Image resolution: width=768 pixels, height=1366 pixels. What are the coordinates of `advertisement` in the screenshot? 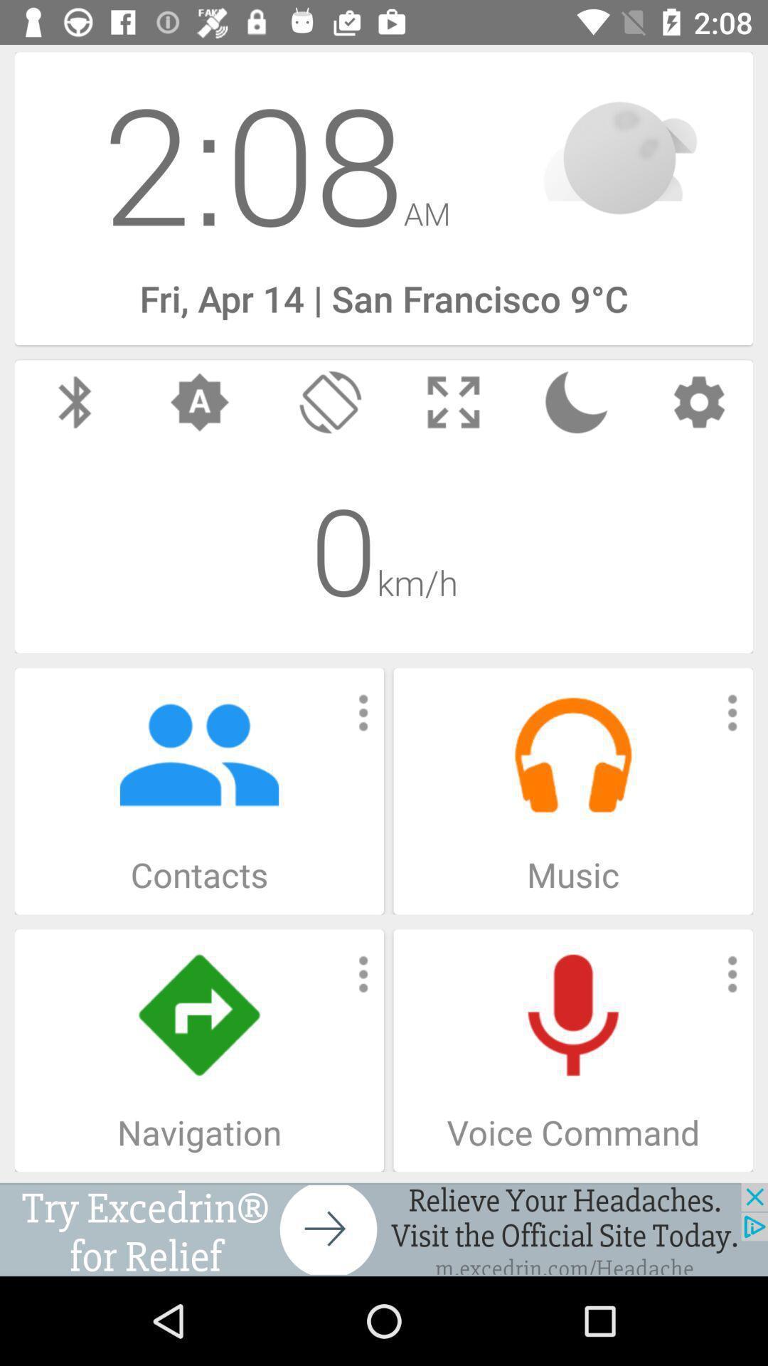 It's located at (384, 1229).